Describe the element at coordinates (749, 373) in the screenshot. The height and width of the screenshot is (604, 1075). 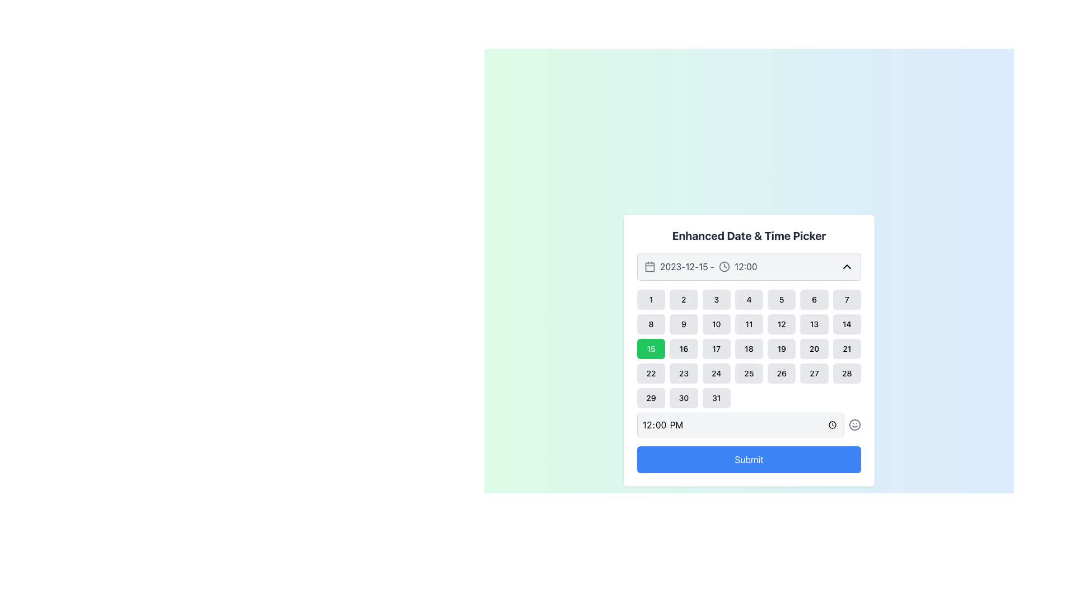
I see `the button representing the 25th day in the calendar interface` at that location.